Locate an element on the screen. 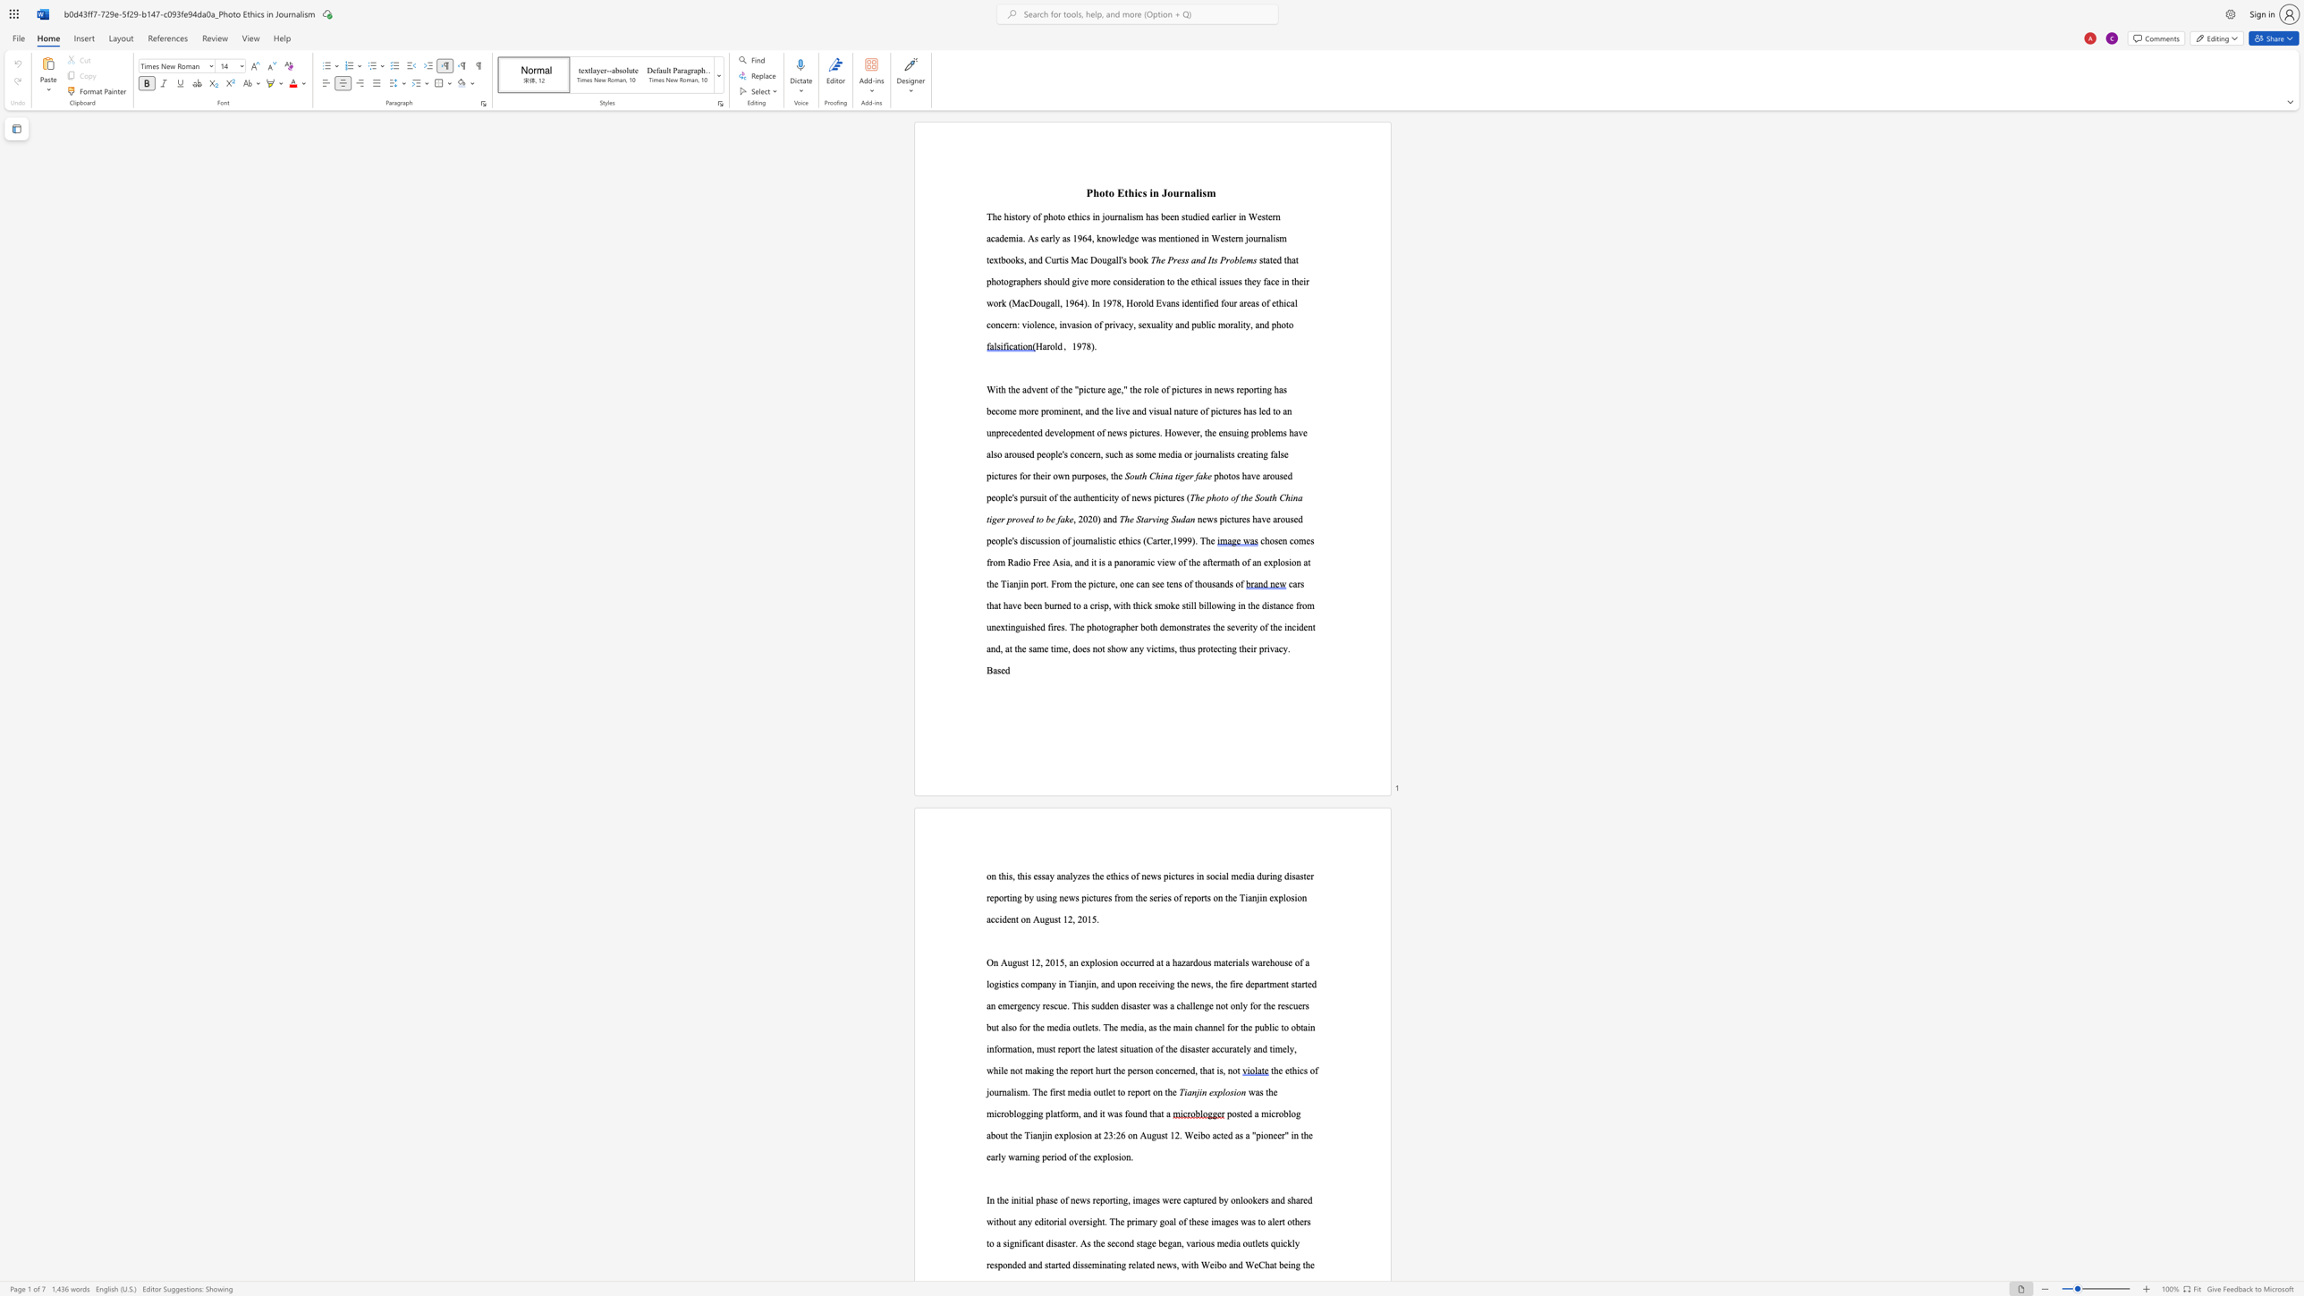 The width and height of the screenshot is (2304, 1296). the subset text "ews, the fire department started an emergency r" within the text "company in Tianjin, and upon receiving the news, the fire department started an emergency rescue. This sudden disaster was a challenge not only for the rescuers but also for the media outlets. The media, as the main channel for the public to obtain information, must report the latest situation of the disaster accurately and" is located at coordinates (1195, 983).